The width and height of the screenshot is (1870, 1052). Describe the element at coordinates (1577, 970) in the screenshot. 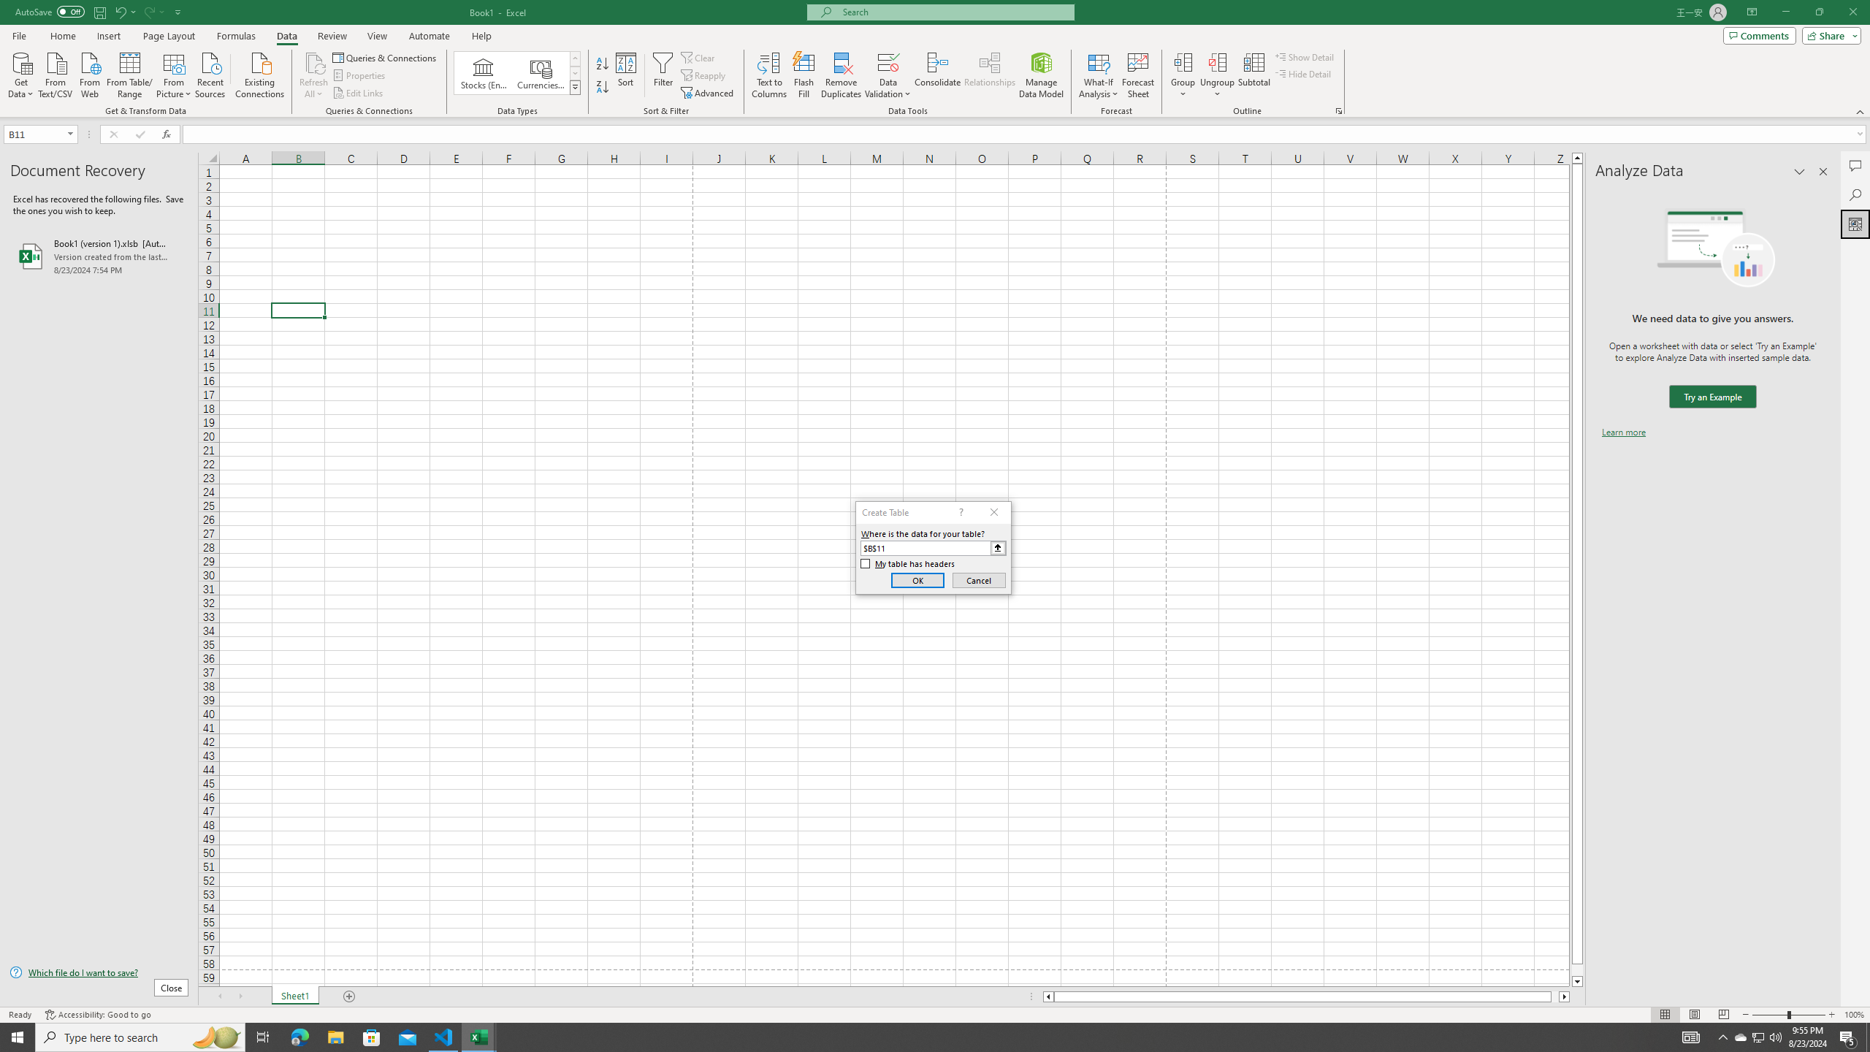

I see `'Page down'` at that location.